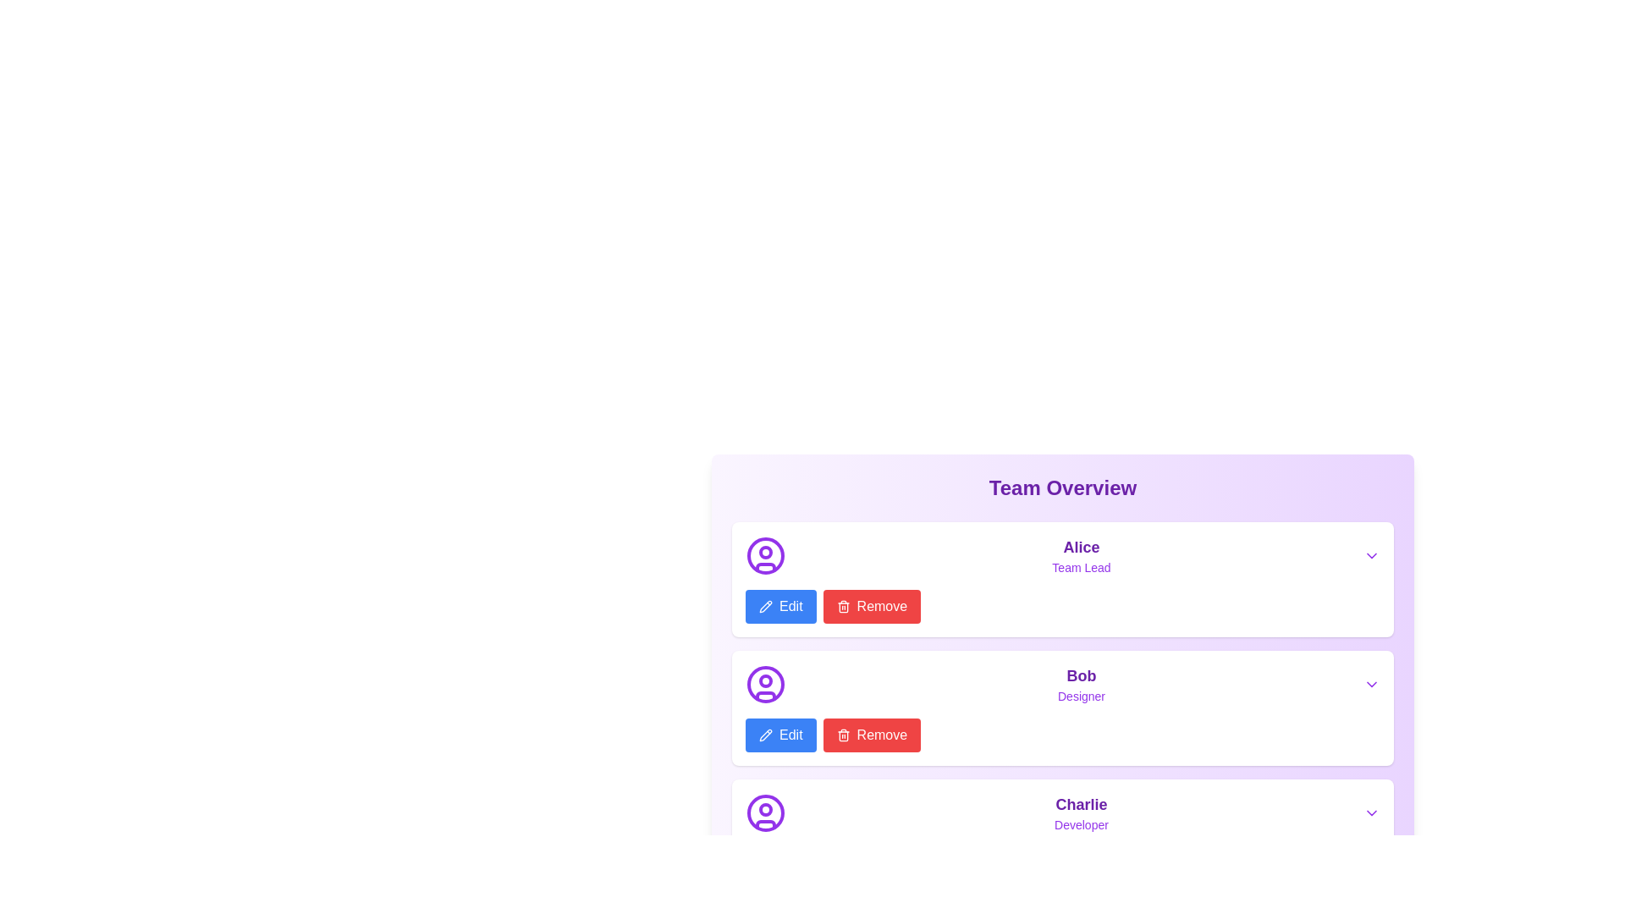 The image size is (1625, 914). What do you see at coordinates (765, 555) in the screenshot?
I see `the circular user avatar icon representing the 'Alice' team member, located at the center of the SVG icon in the upper left corner of the team member card` at bounding box center [765, 555].